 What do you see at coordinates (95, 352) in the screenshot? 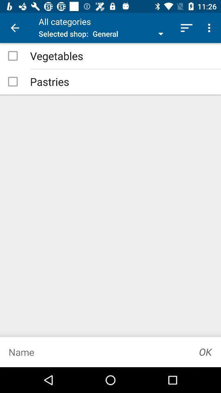
I see `type name to search` at bounding box center [95, 352].